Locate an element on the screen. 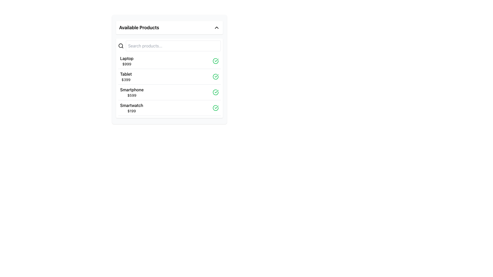 The height and width of the screenshot is (277, 493). the interactive icon, which is a green circular checkmark located to the far right of the 'Smartwatch $199' text is located at coordinates (216, 107).